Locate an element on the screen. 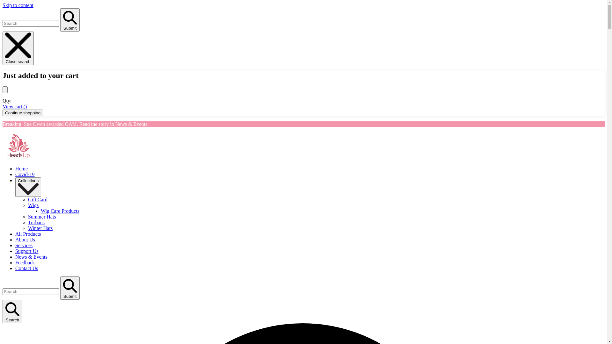 The height and width of the screenshot is (344, 612). 'Continue shopping' is located at coordinates (23, 112).